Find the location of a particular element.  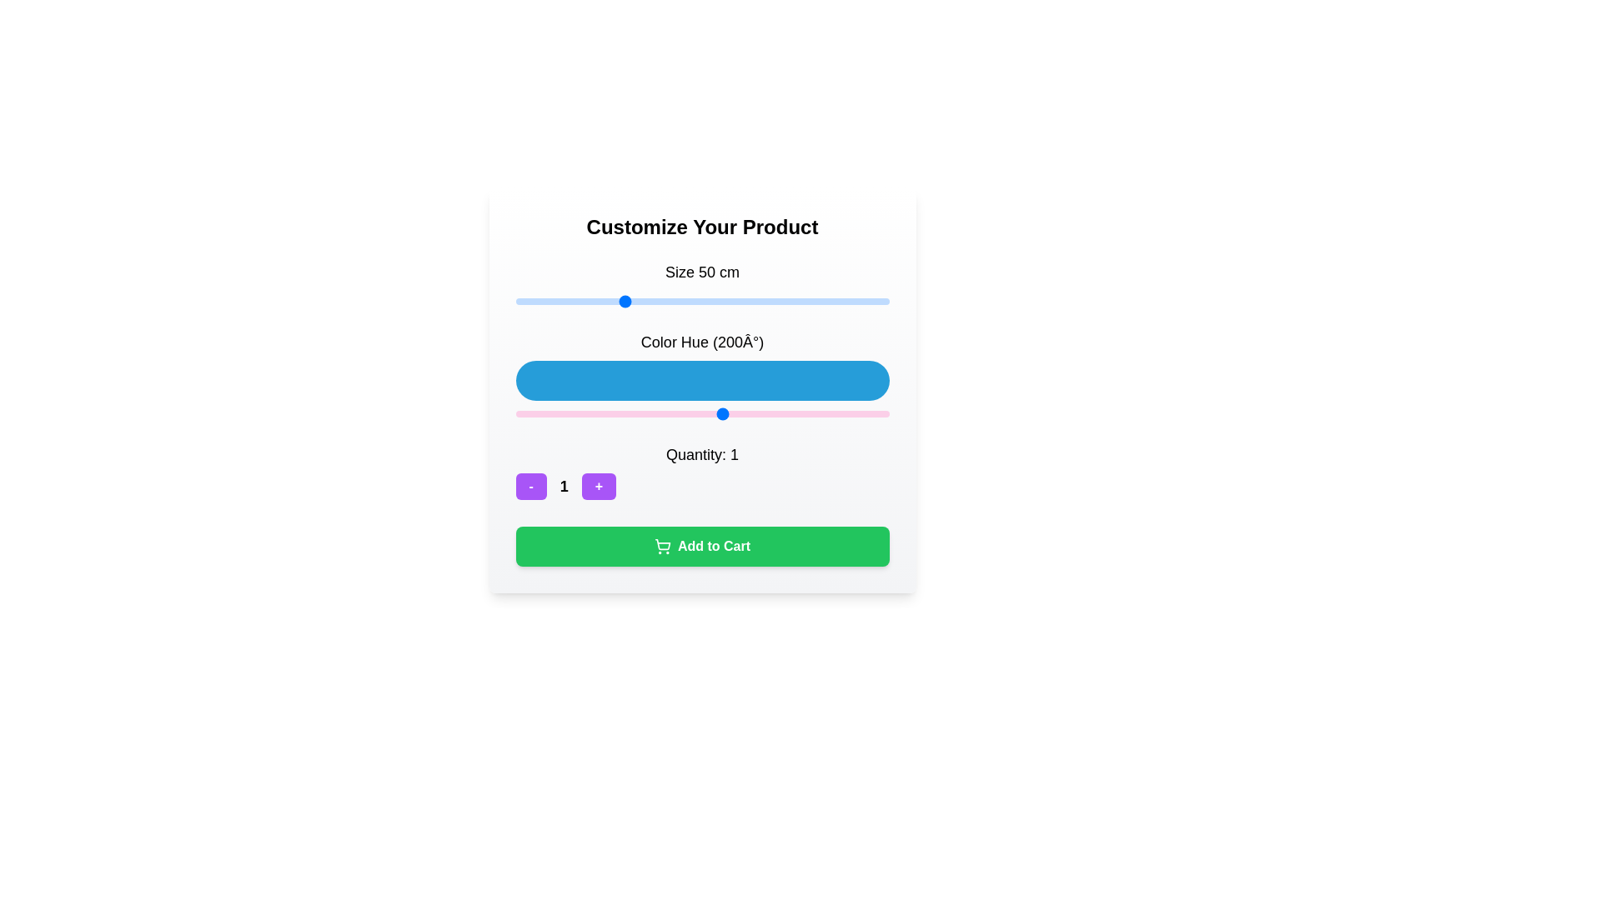

the text label that displays the current quantity value associated with the product selection field, located directly above the decrement and increment controls is located at coordinates (702, 455).